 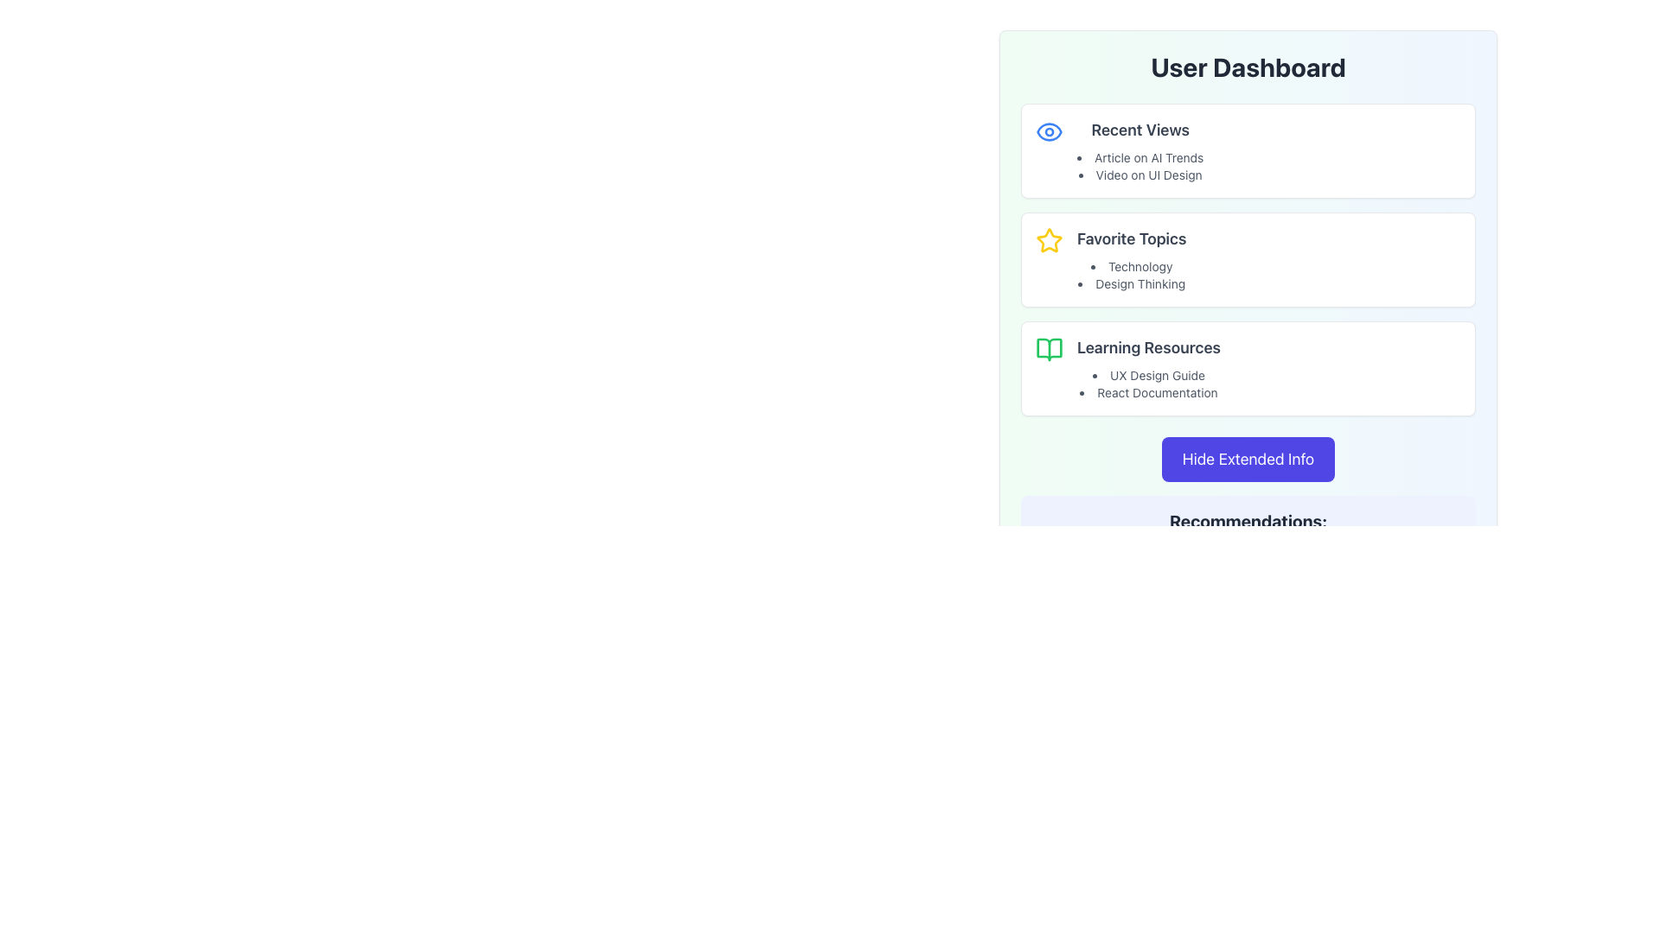 I want to click on the 'Video on UI Design' entry in the 'Recent Views' list, which is the second item below 'Article on AI Trends', so click(x=1140, y=175).